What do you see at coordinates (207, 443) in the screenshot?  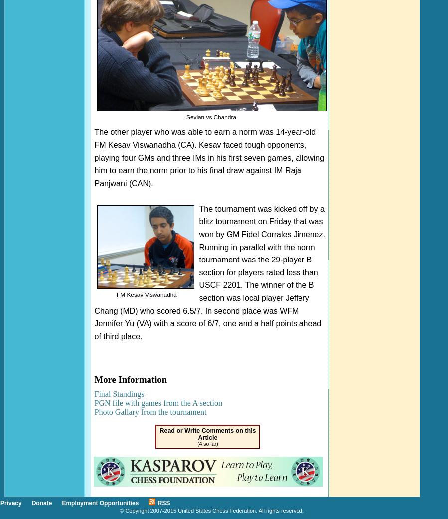 I see `'(4 so far)'` at bounding box center [207, 443].